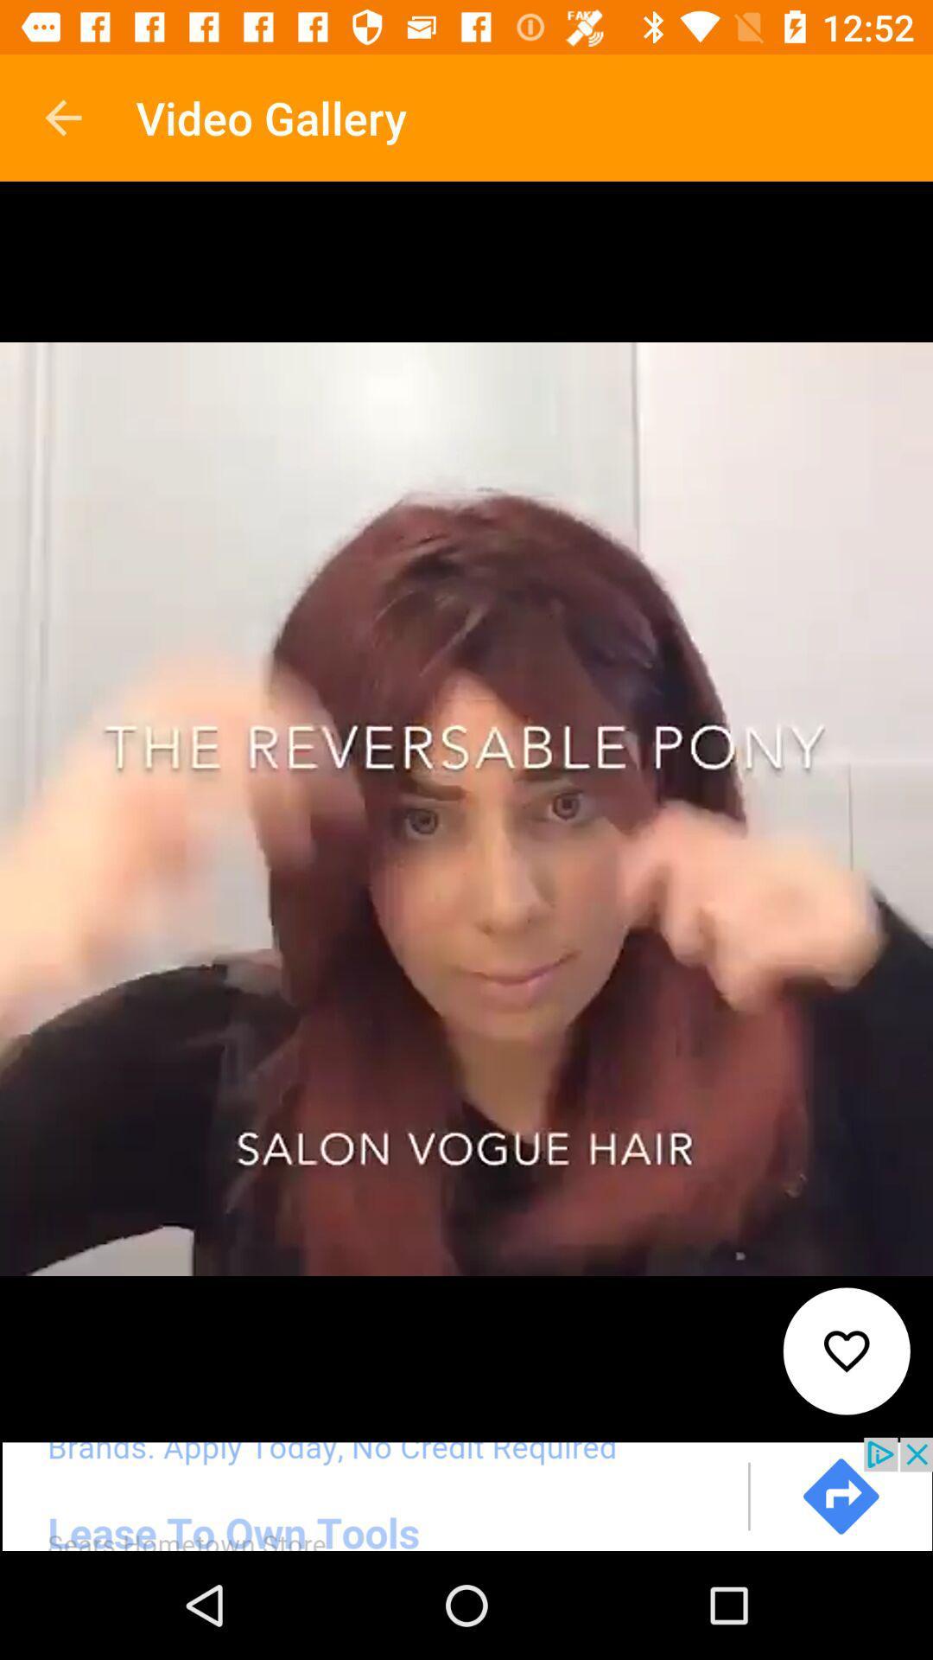 The image size is (933, 1660). What do you see at coordinates (846, 1350) in the screenshot?
I see `the favorite icon` at bounding box center [846, 1350].